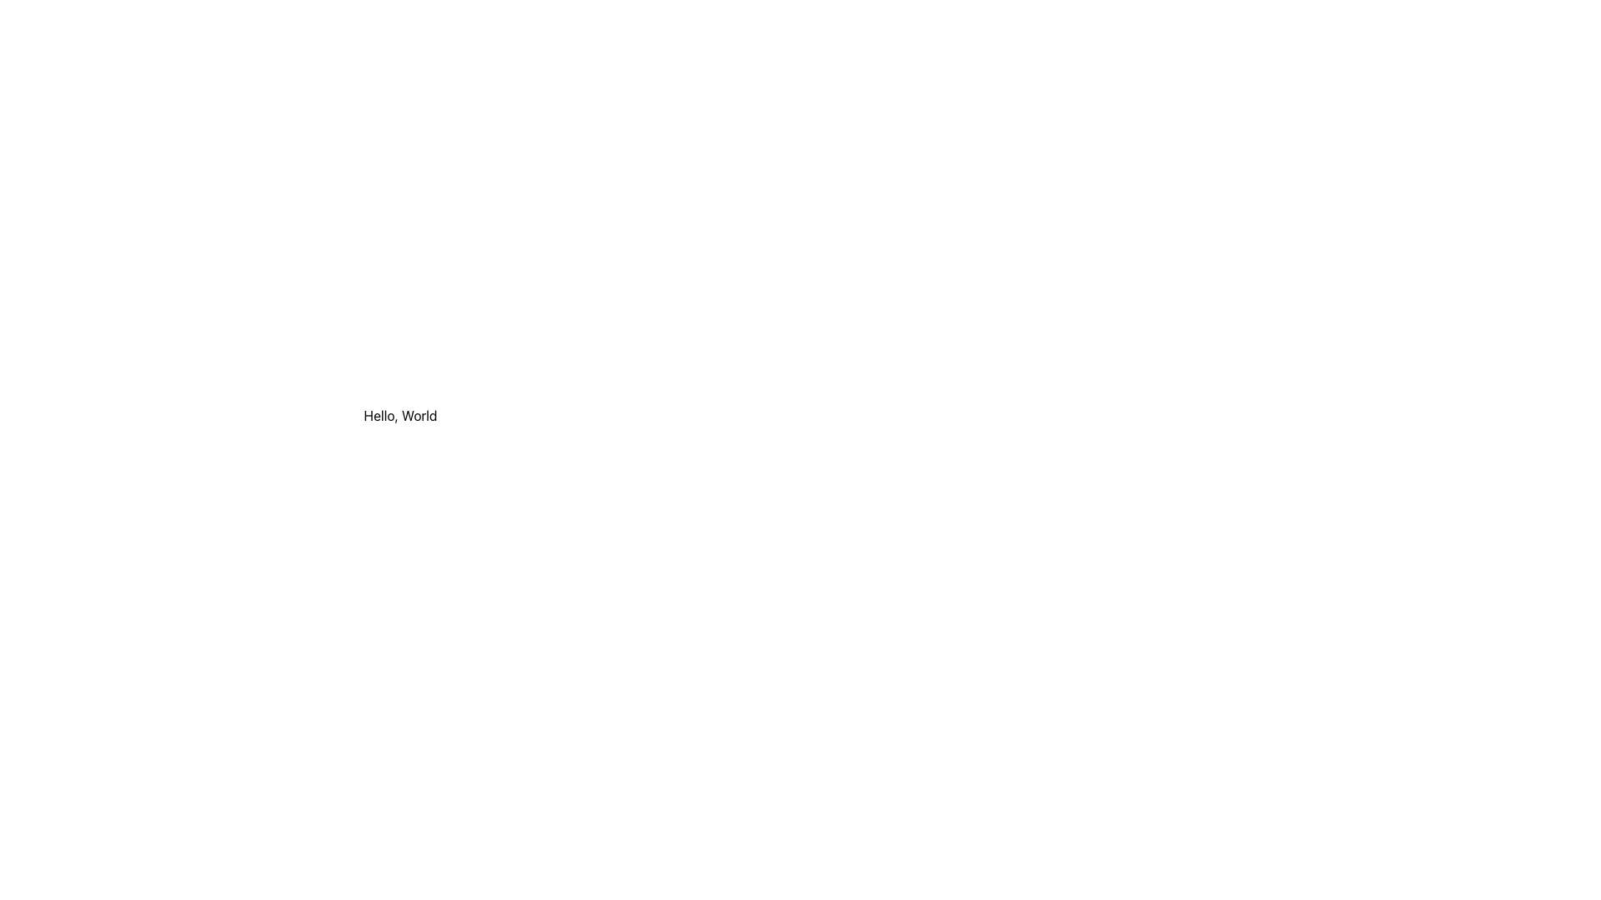 This screenshot has height=900, width=1601. I want to click on the Static Text Display that shows 'Hello, World', which is centrally aligned in a white box, so click(400, 414).